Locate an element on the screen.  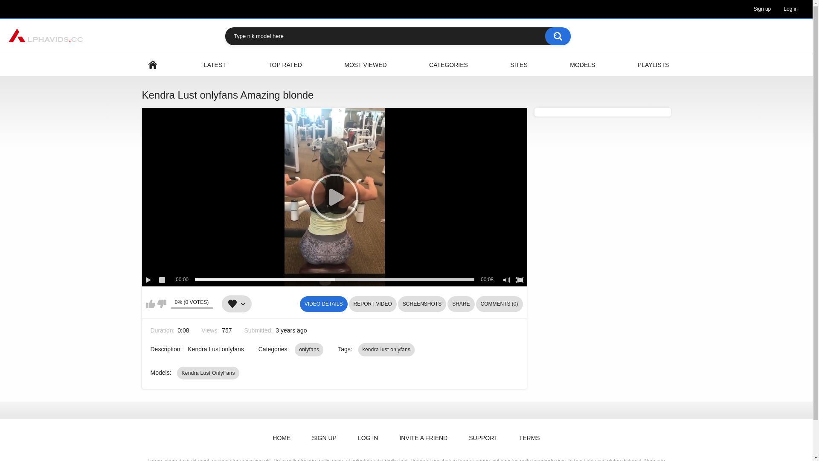
'PLAYLISTS' is located at coordinates (653, 64).